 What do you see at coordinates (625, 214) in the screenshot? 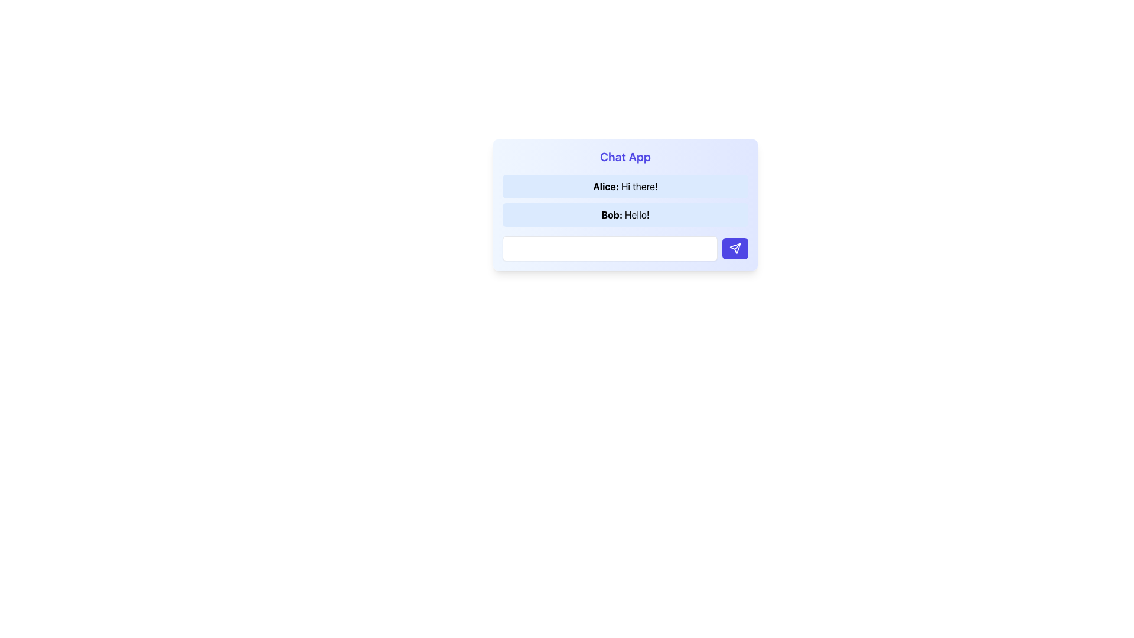
I see `the chat bubble containing the message 'Bob: Hello!' with a light blue background, located below the previous message 'Alice: Hi there!'` at bounding box center [625, 214].